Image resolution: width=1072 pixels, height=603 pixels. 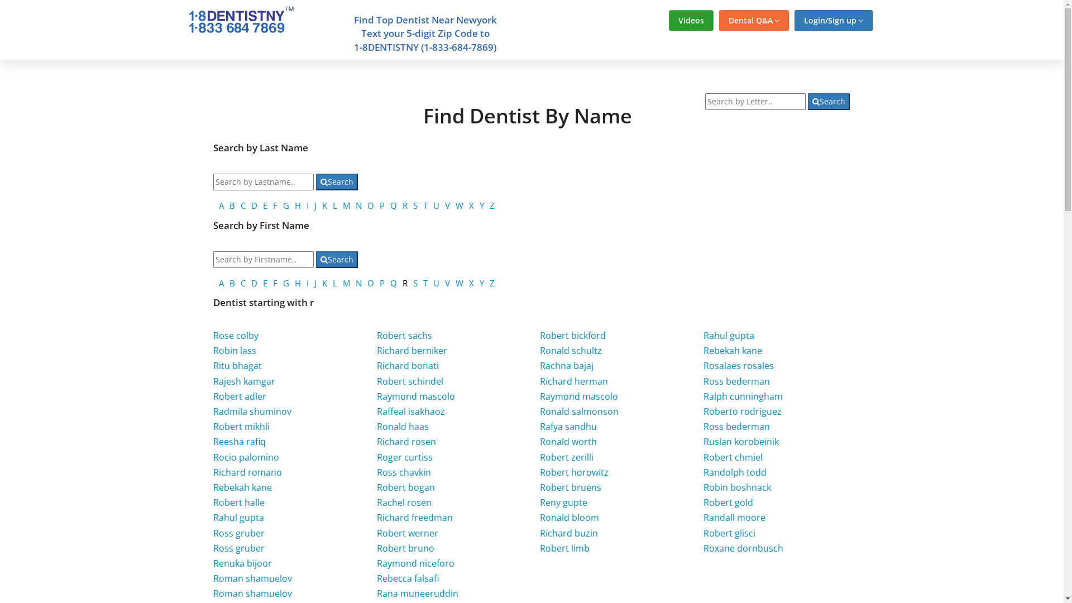 I want to click on 'K', so click(x=324, y=282).